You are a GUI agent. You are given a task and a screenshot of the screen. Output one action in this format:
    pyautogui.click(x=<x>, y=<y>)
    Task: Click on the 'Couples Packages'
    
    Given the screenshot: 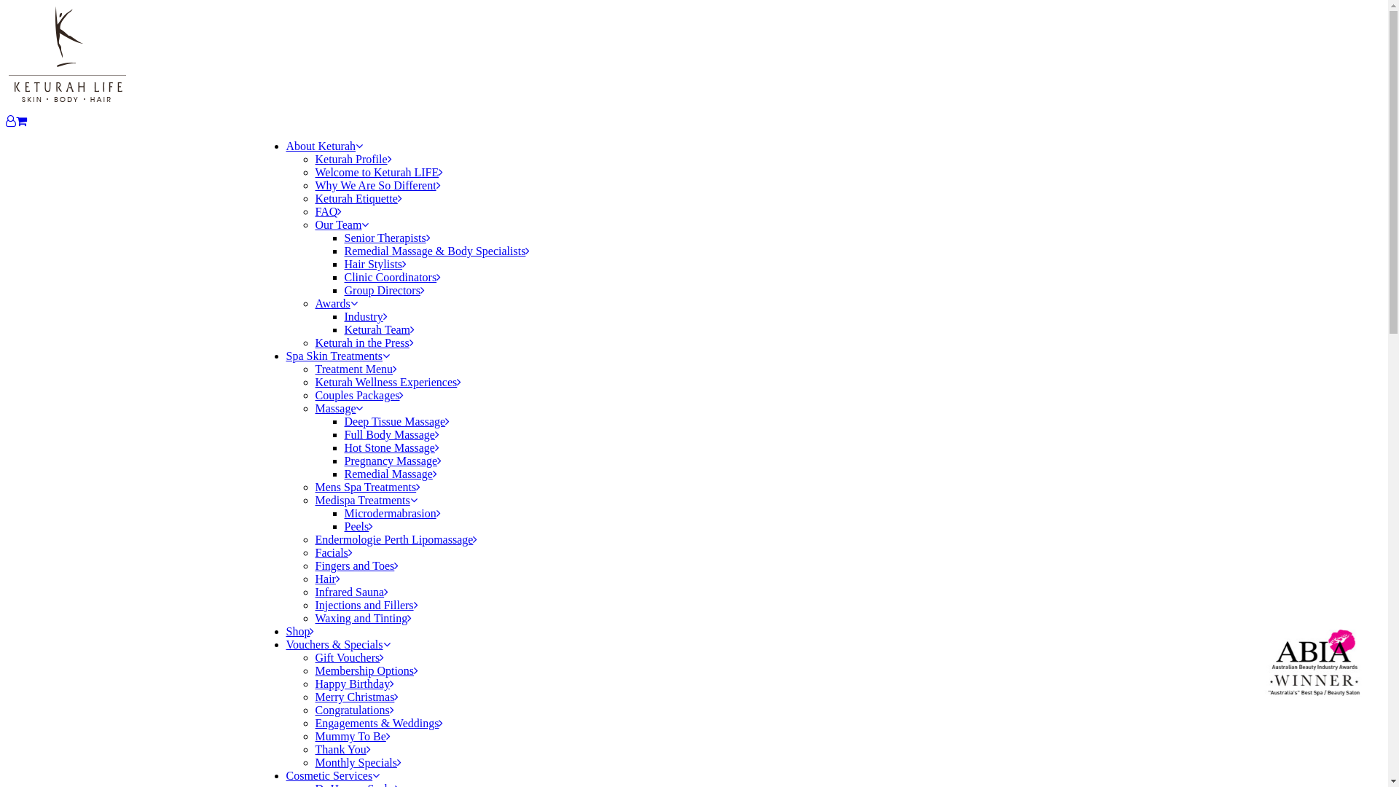 What is the action you would take?
    pyautogui.click(x=359, y=395)
    